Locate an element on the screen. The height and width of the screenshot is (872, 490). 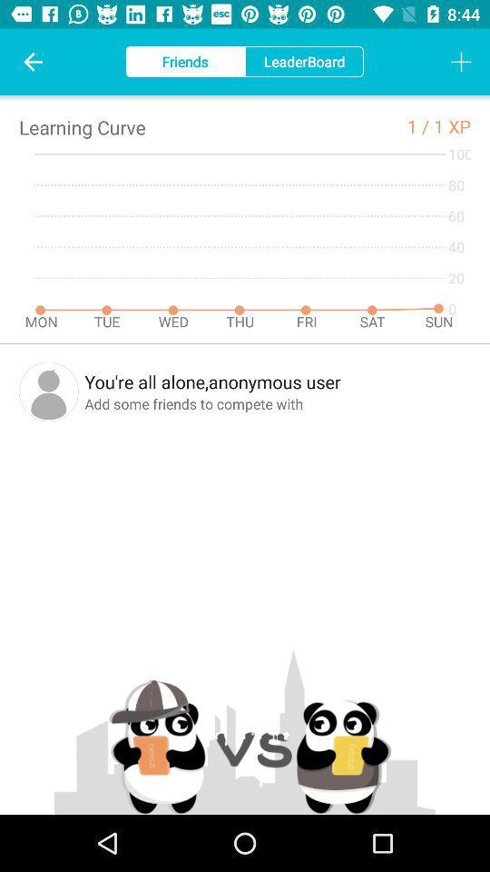
the item next to the friends is located at coordinates (33, 62).